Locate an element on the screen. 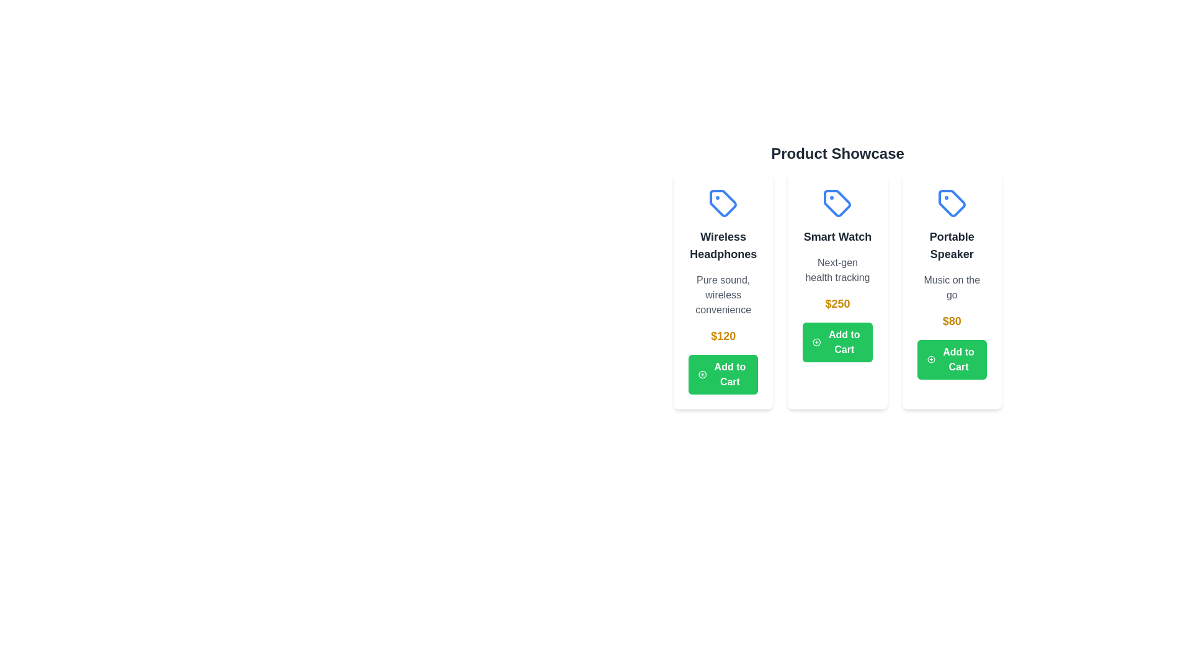 The height and width of the screenshot is (670, 1191). 'Add to Cart' button for the product identified by Wireless Headphones is located at coordinates (723, 374).